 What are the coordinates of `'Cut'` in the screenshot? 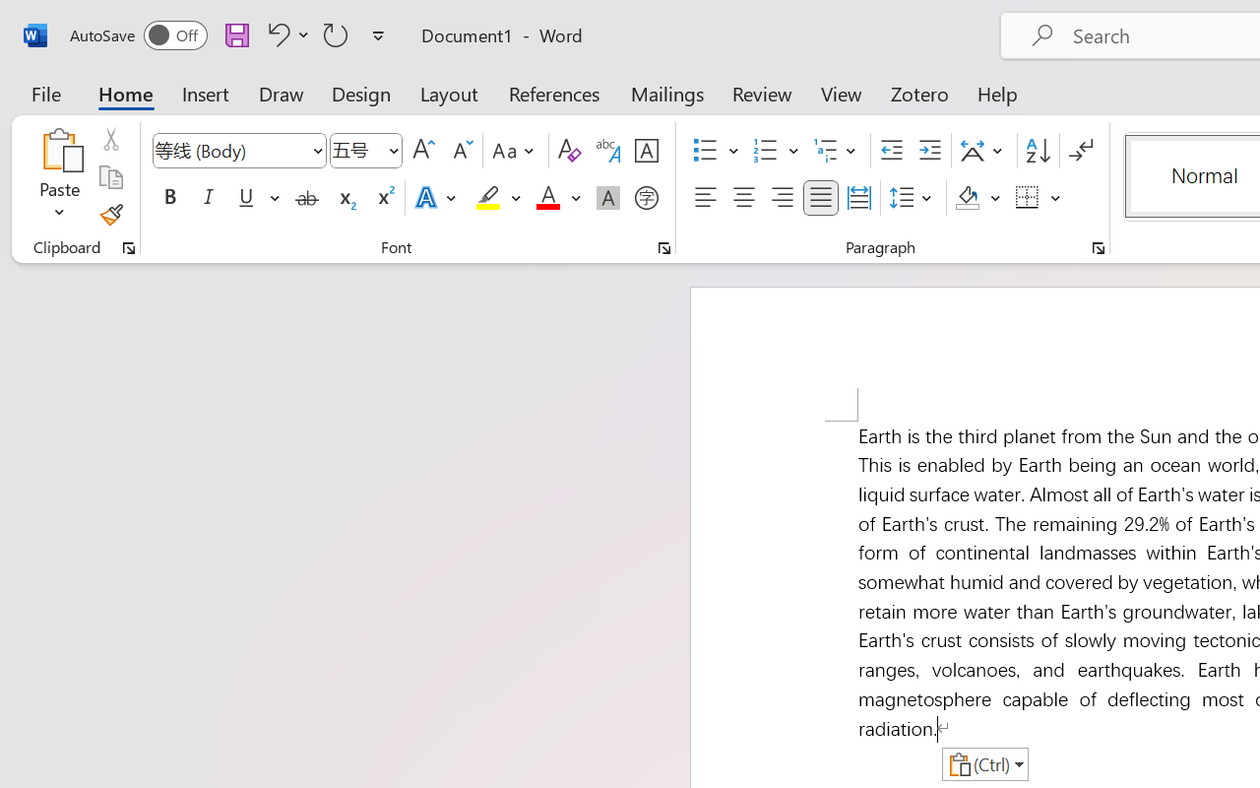 It's located at (109, 139).